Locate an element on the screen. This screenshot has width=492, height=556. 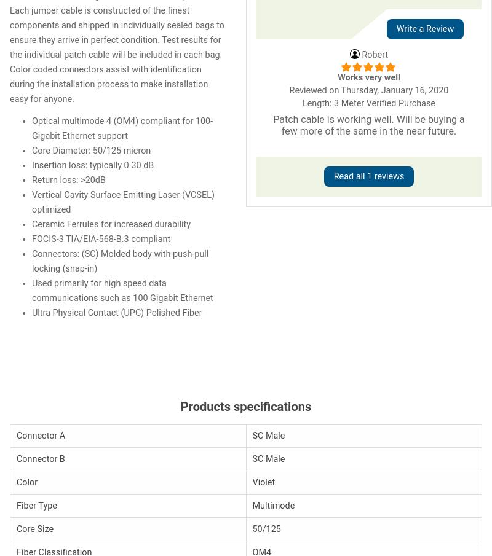
'Ultra Physical Contact (UPC) Polished Fiber' is located at coordinates (116, 311).